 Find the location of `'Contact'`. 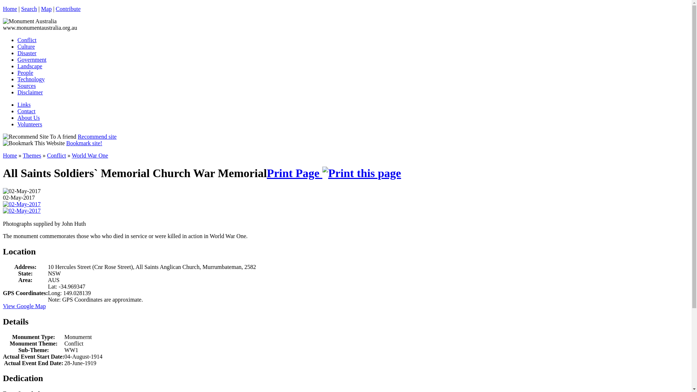

'Contact' is located at coordinates (26, 111).